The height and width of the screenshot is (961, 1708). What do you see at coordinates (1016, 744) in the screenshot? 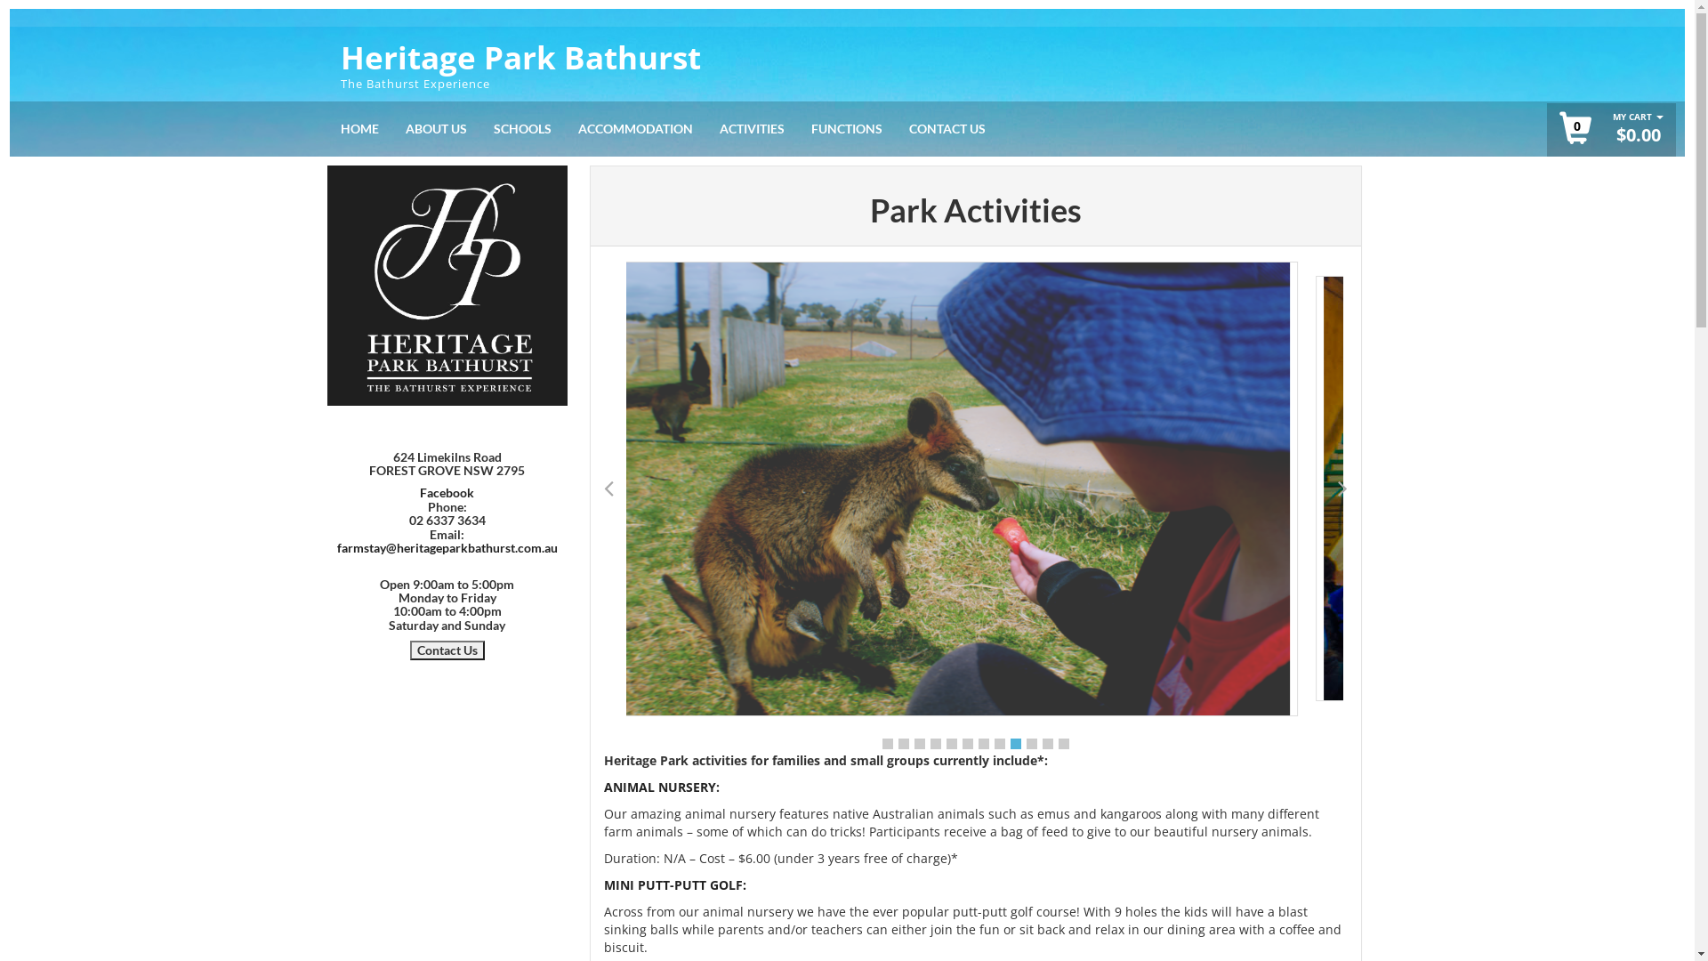
I see `'9'` at bounding box center [1016, 744].